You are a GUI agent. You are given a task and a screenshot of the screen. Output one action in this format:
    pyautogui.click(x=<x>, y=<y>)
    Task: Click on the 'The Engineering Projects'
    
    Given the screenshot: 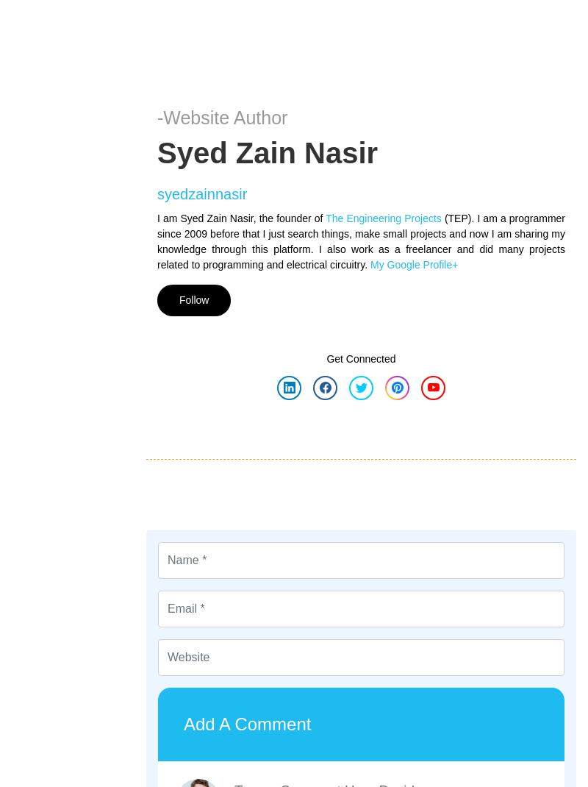 What is the action you would take?
    pyautogui.click(x=382, y=217)
    